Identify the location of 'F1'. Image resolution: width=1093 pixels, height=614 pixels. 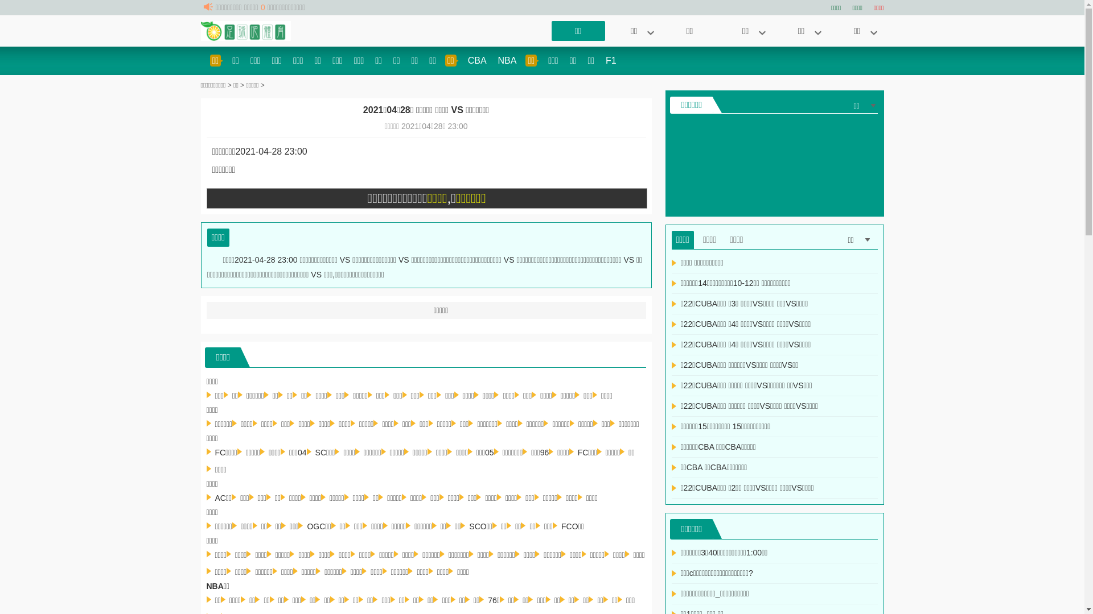
(605, 60).